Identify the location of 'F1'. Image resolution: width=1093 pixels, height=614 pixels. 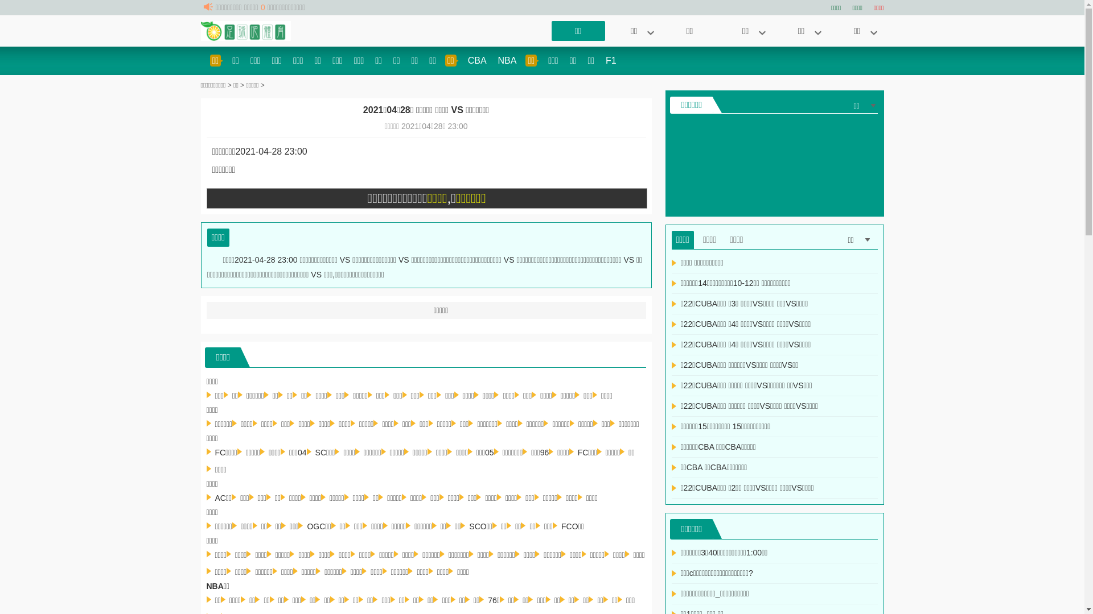
(605, 60).